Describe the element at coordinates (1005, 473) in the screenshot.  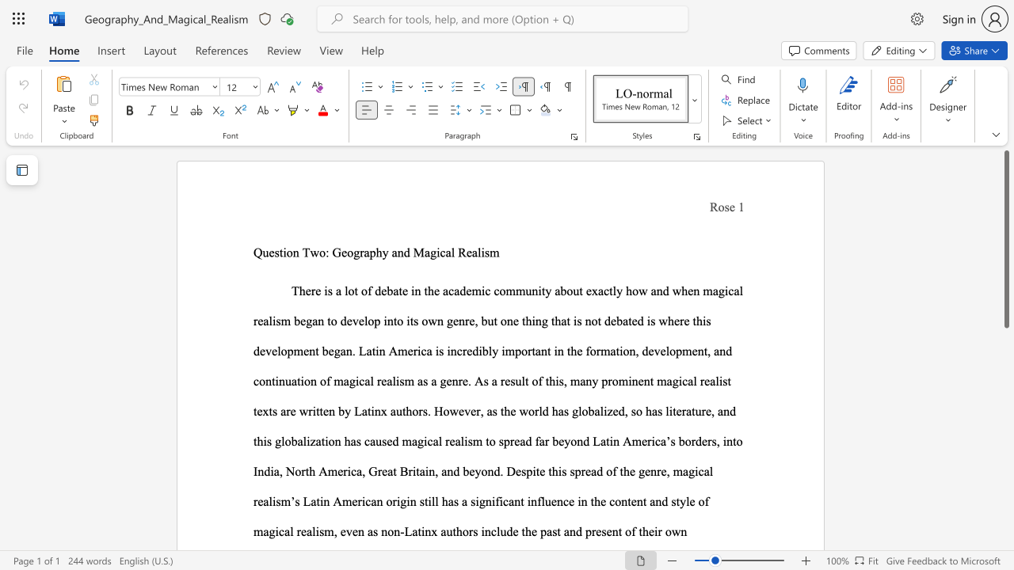
I see `the side scrollbar to bring the page down` at that location.